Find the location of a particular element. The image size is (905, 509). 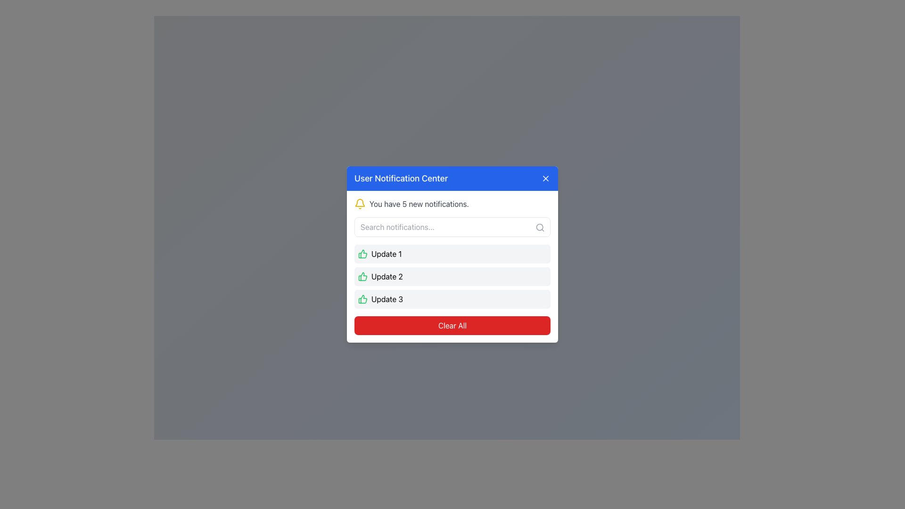

the green thumbs-up icon that symbolizes the 'like' gesture, located to the left of the text 'Update 3' in the third notification item of the 'User Notification Center' dialog box is located at coordinates (362, 299).